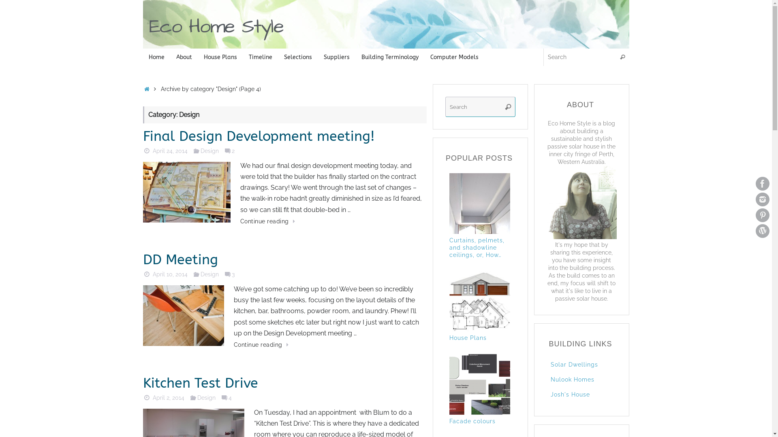 Image resolution: width=778 pixels, height=437 pixels. I want to click on '2', so click(229, 151).